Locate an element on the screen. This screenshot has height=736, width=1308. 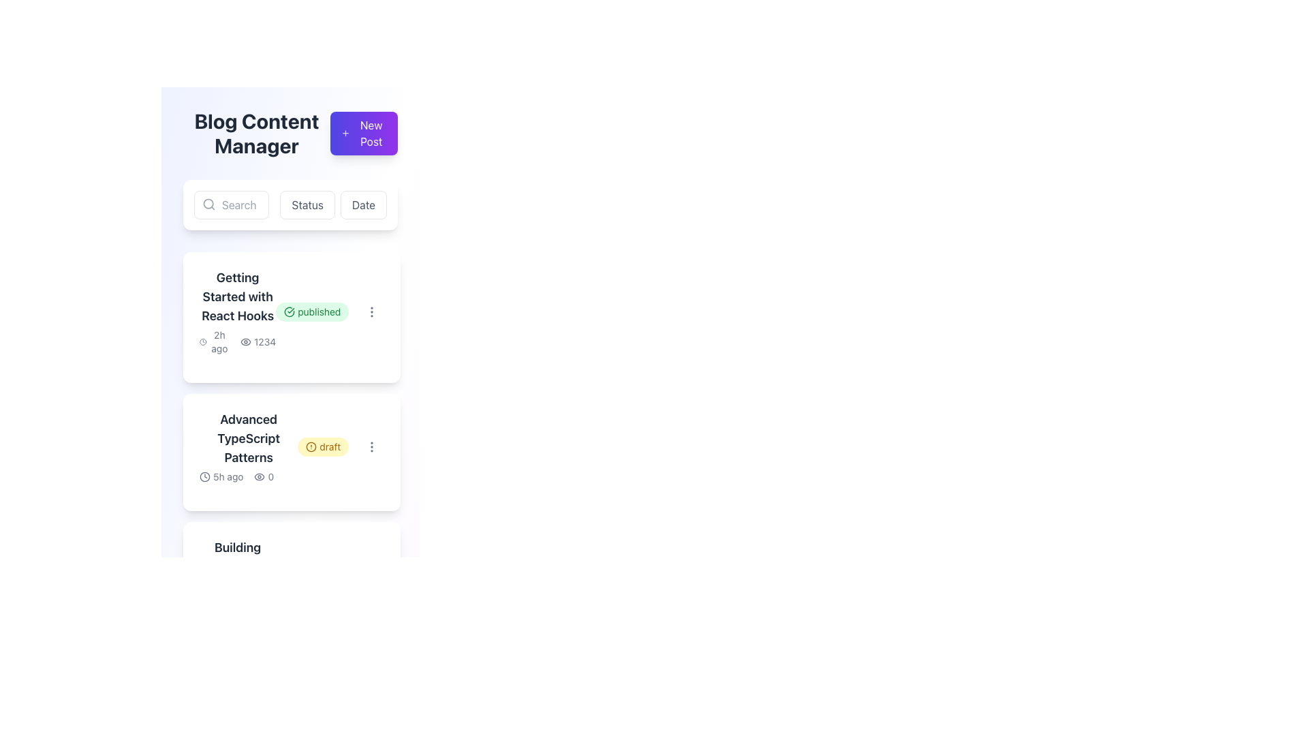
the informational text and icon group that displays a time span of '5h ago' and a numeric value of '0', separated by a clock and an eye icon, located at the bottom-left of a card element is located at coordinates (249, 476).